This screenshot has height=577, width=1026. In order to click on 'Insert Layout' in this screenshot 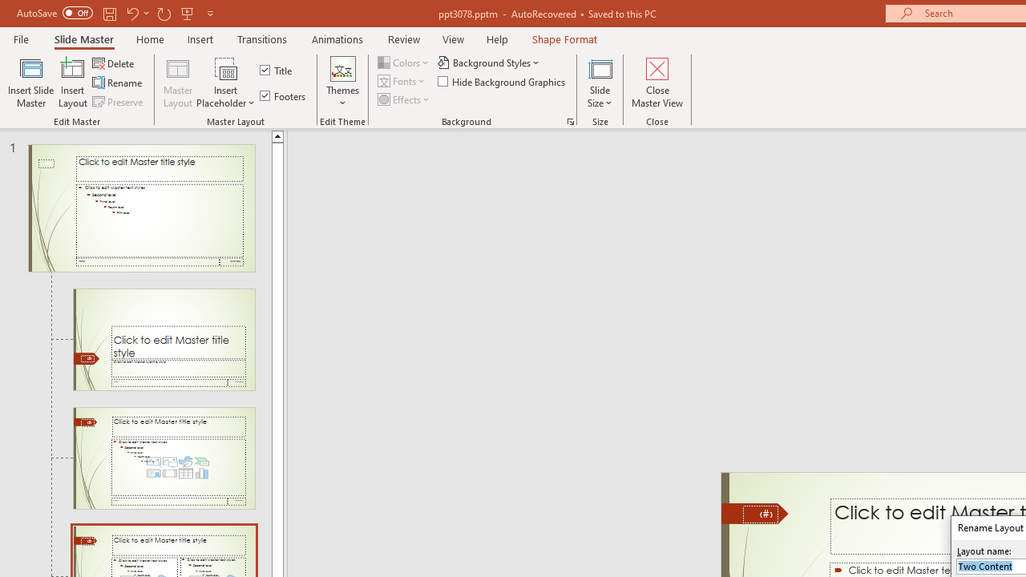, I will do `click(72, 83)`.